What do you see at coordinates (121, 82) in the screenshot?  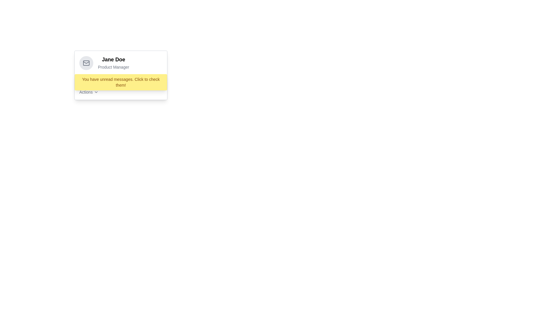 I see `the yellow notification banner displaying the message 'You have unread messages. Click to check them!' to read the information it displays` at bounding box center [121, 82].